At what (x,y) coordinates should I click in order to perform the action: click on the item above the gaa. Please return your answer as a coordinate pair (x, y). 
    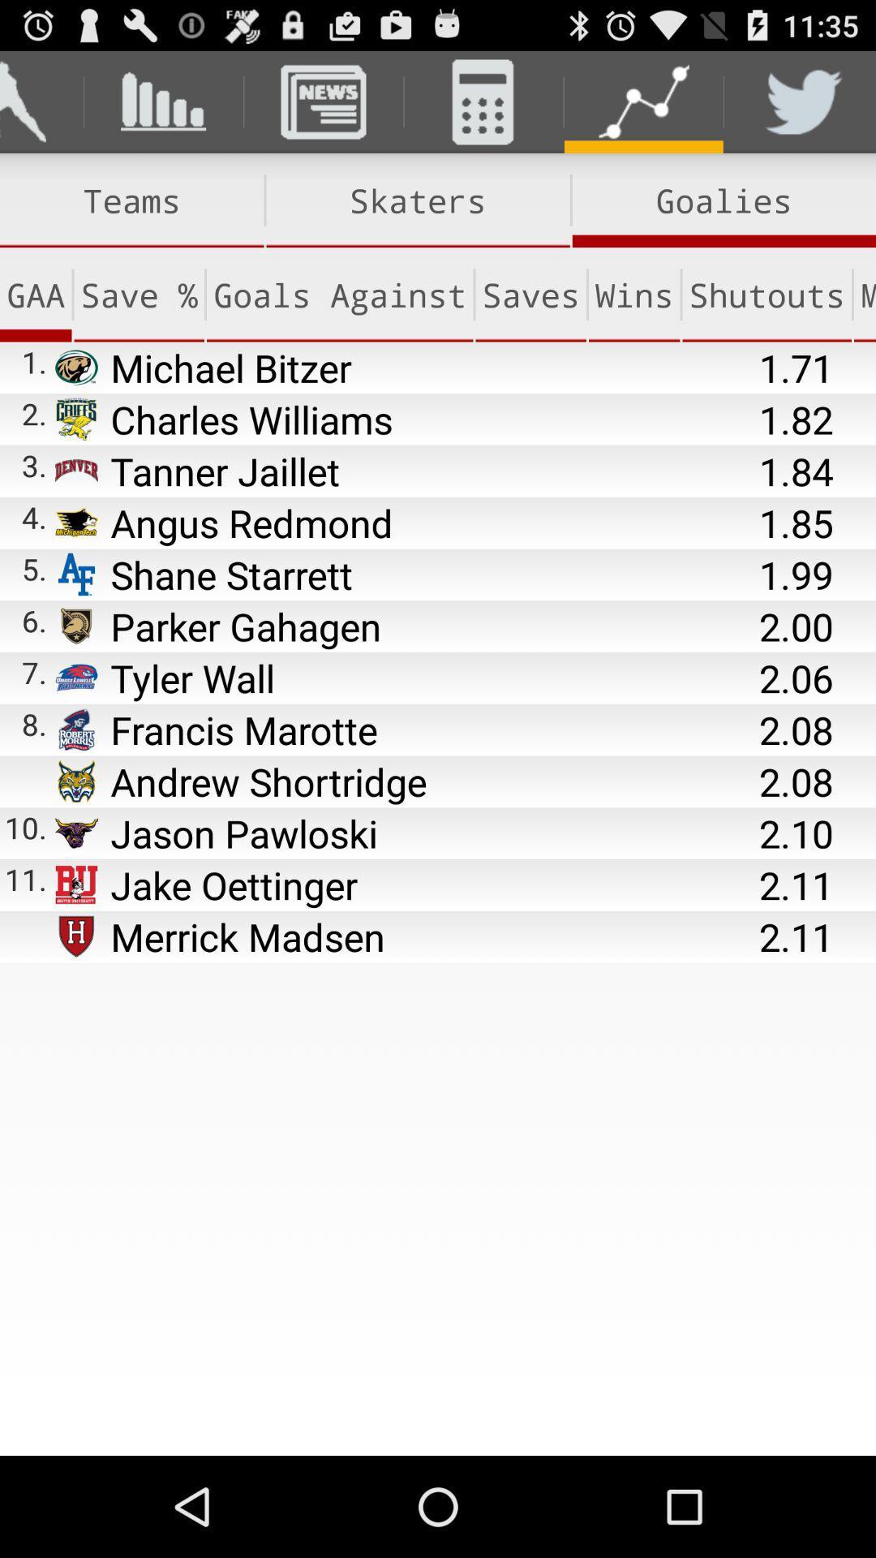
    Looking at the image, I should click on (131, 200).